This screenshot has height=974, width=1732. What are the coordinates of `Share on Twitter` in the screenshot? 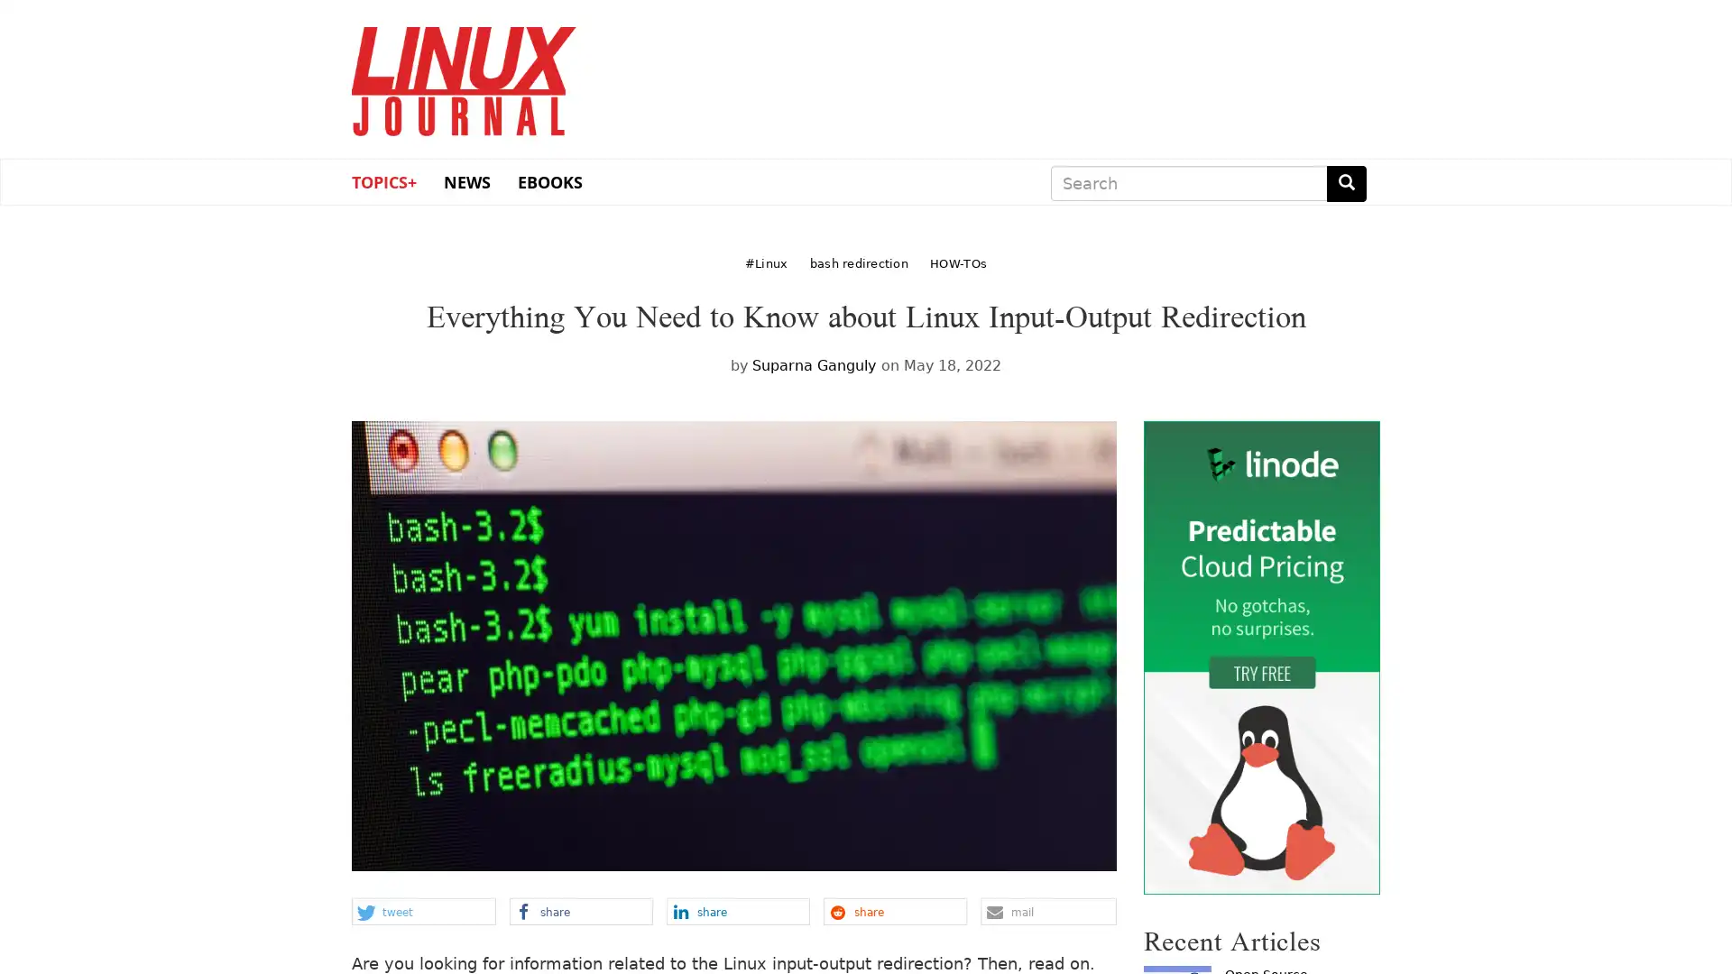 It's located at (422, 911).